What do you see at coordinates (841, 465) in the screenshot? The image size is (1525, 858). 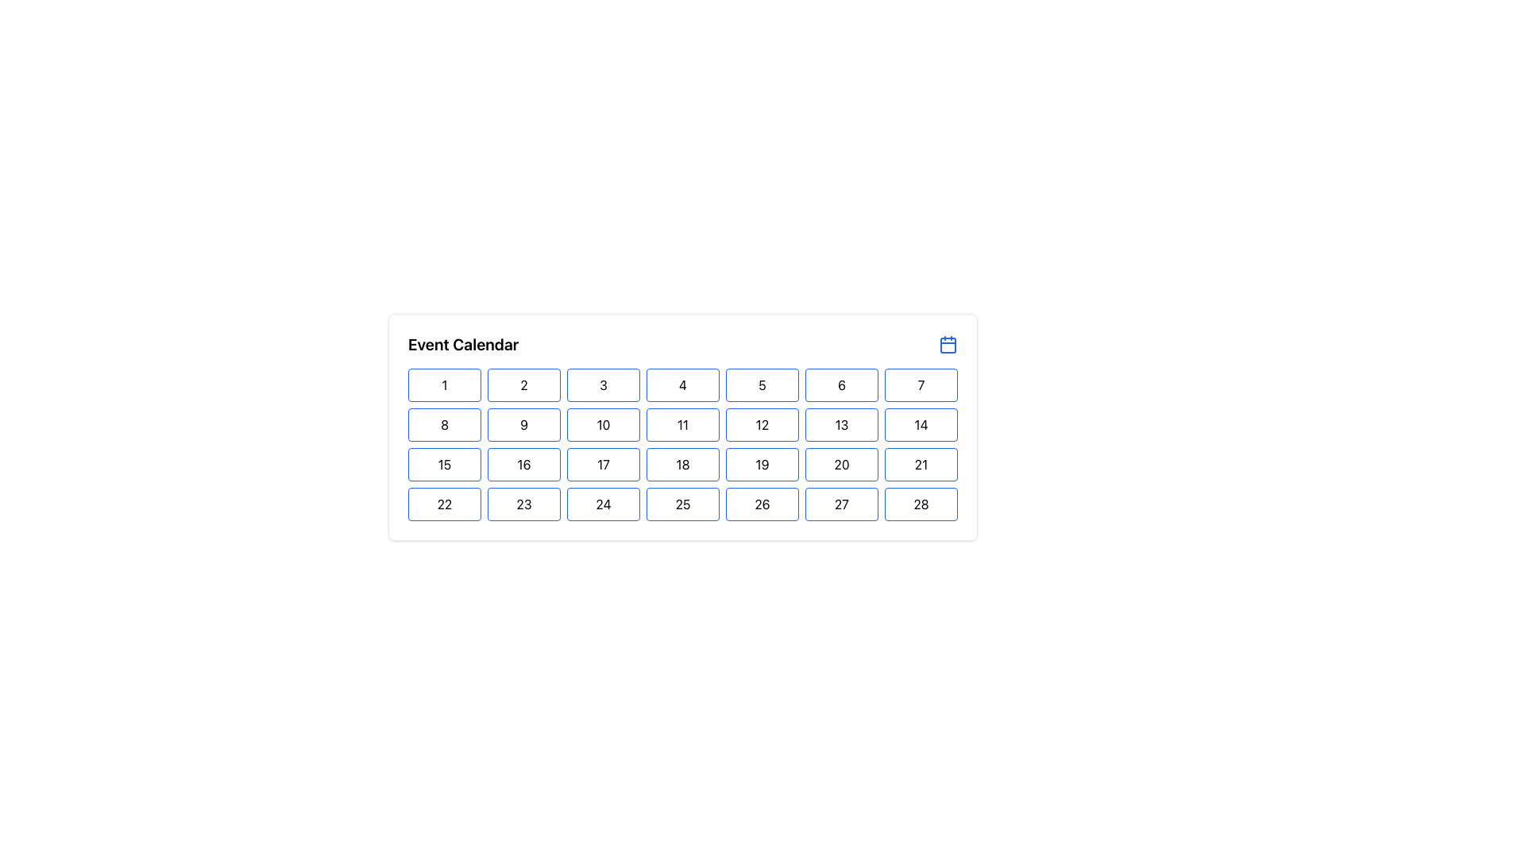 I see `the button for selecting the value '20'` at bounding box center [841, 465].